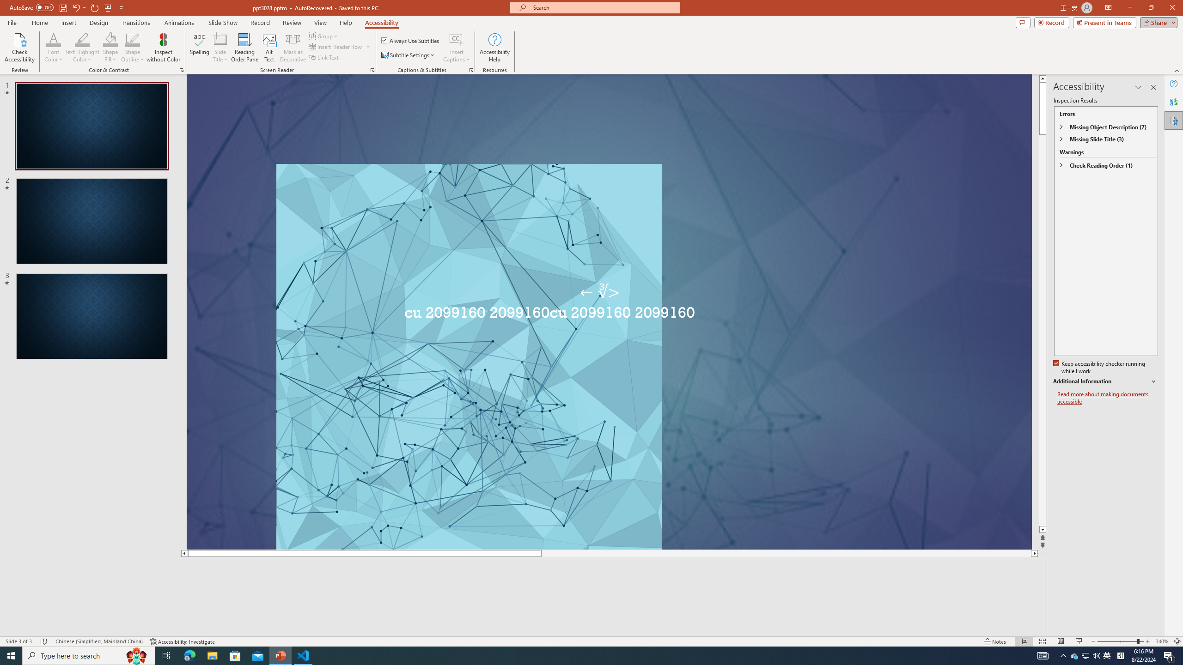 The height and width of the screenshot is (665, 1183). I want to click on 'Screen Reader', so click(372, 69).